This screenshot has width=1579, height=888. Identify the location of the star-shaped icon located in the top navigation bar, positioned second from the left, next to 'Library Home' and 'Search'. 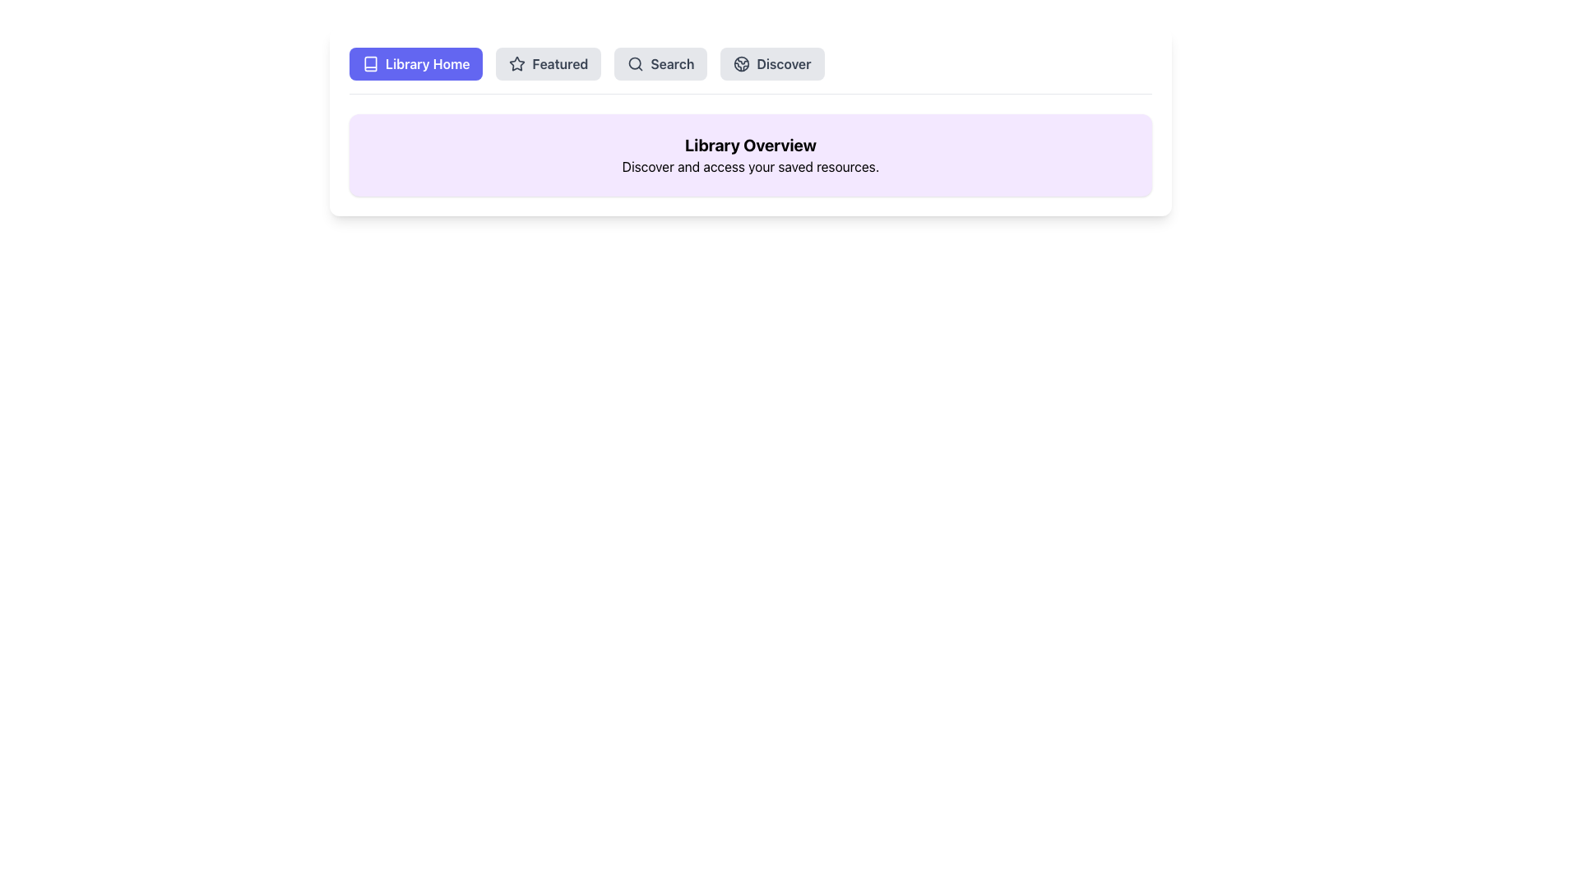
(516, 62).